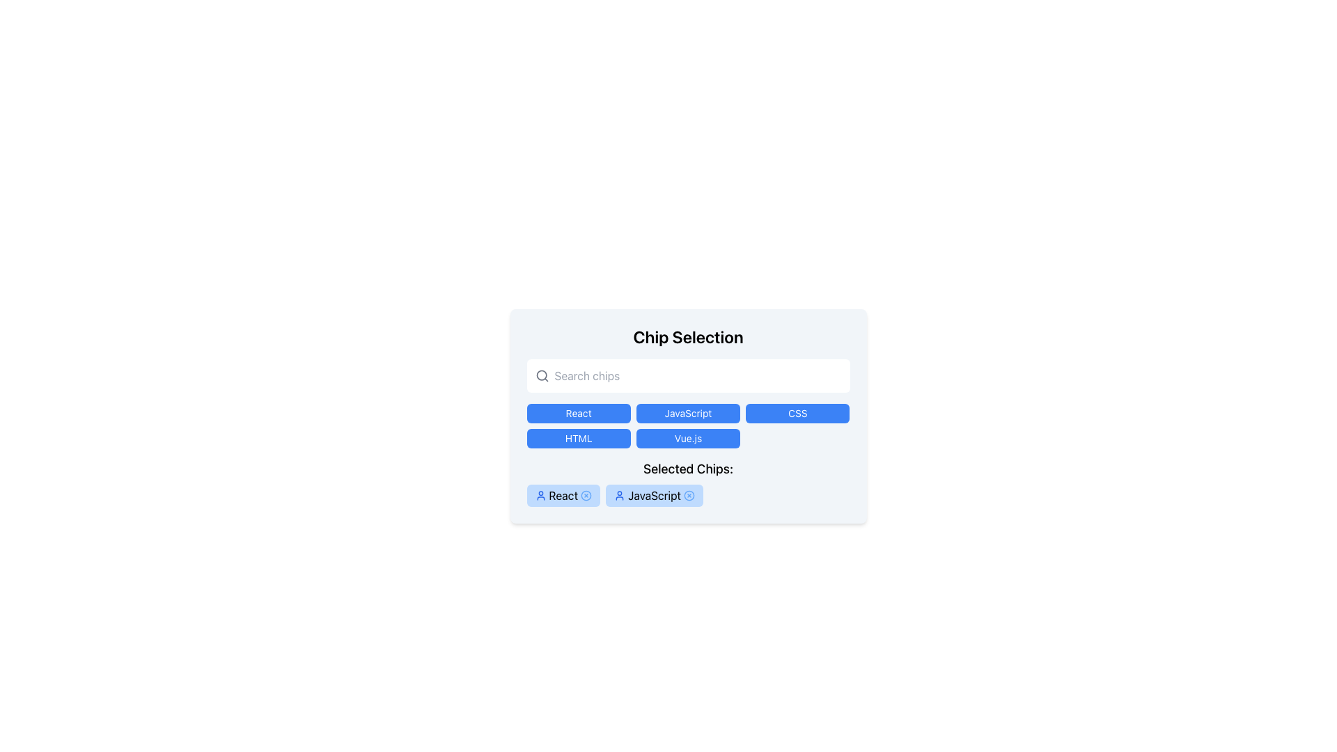  I want to click on the button in the first column of the second row of the grid layout, so click(579, 437).